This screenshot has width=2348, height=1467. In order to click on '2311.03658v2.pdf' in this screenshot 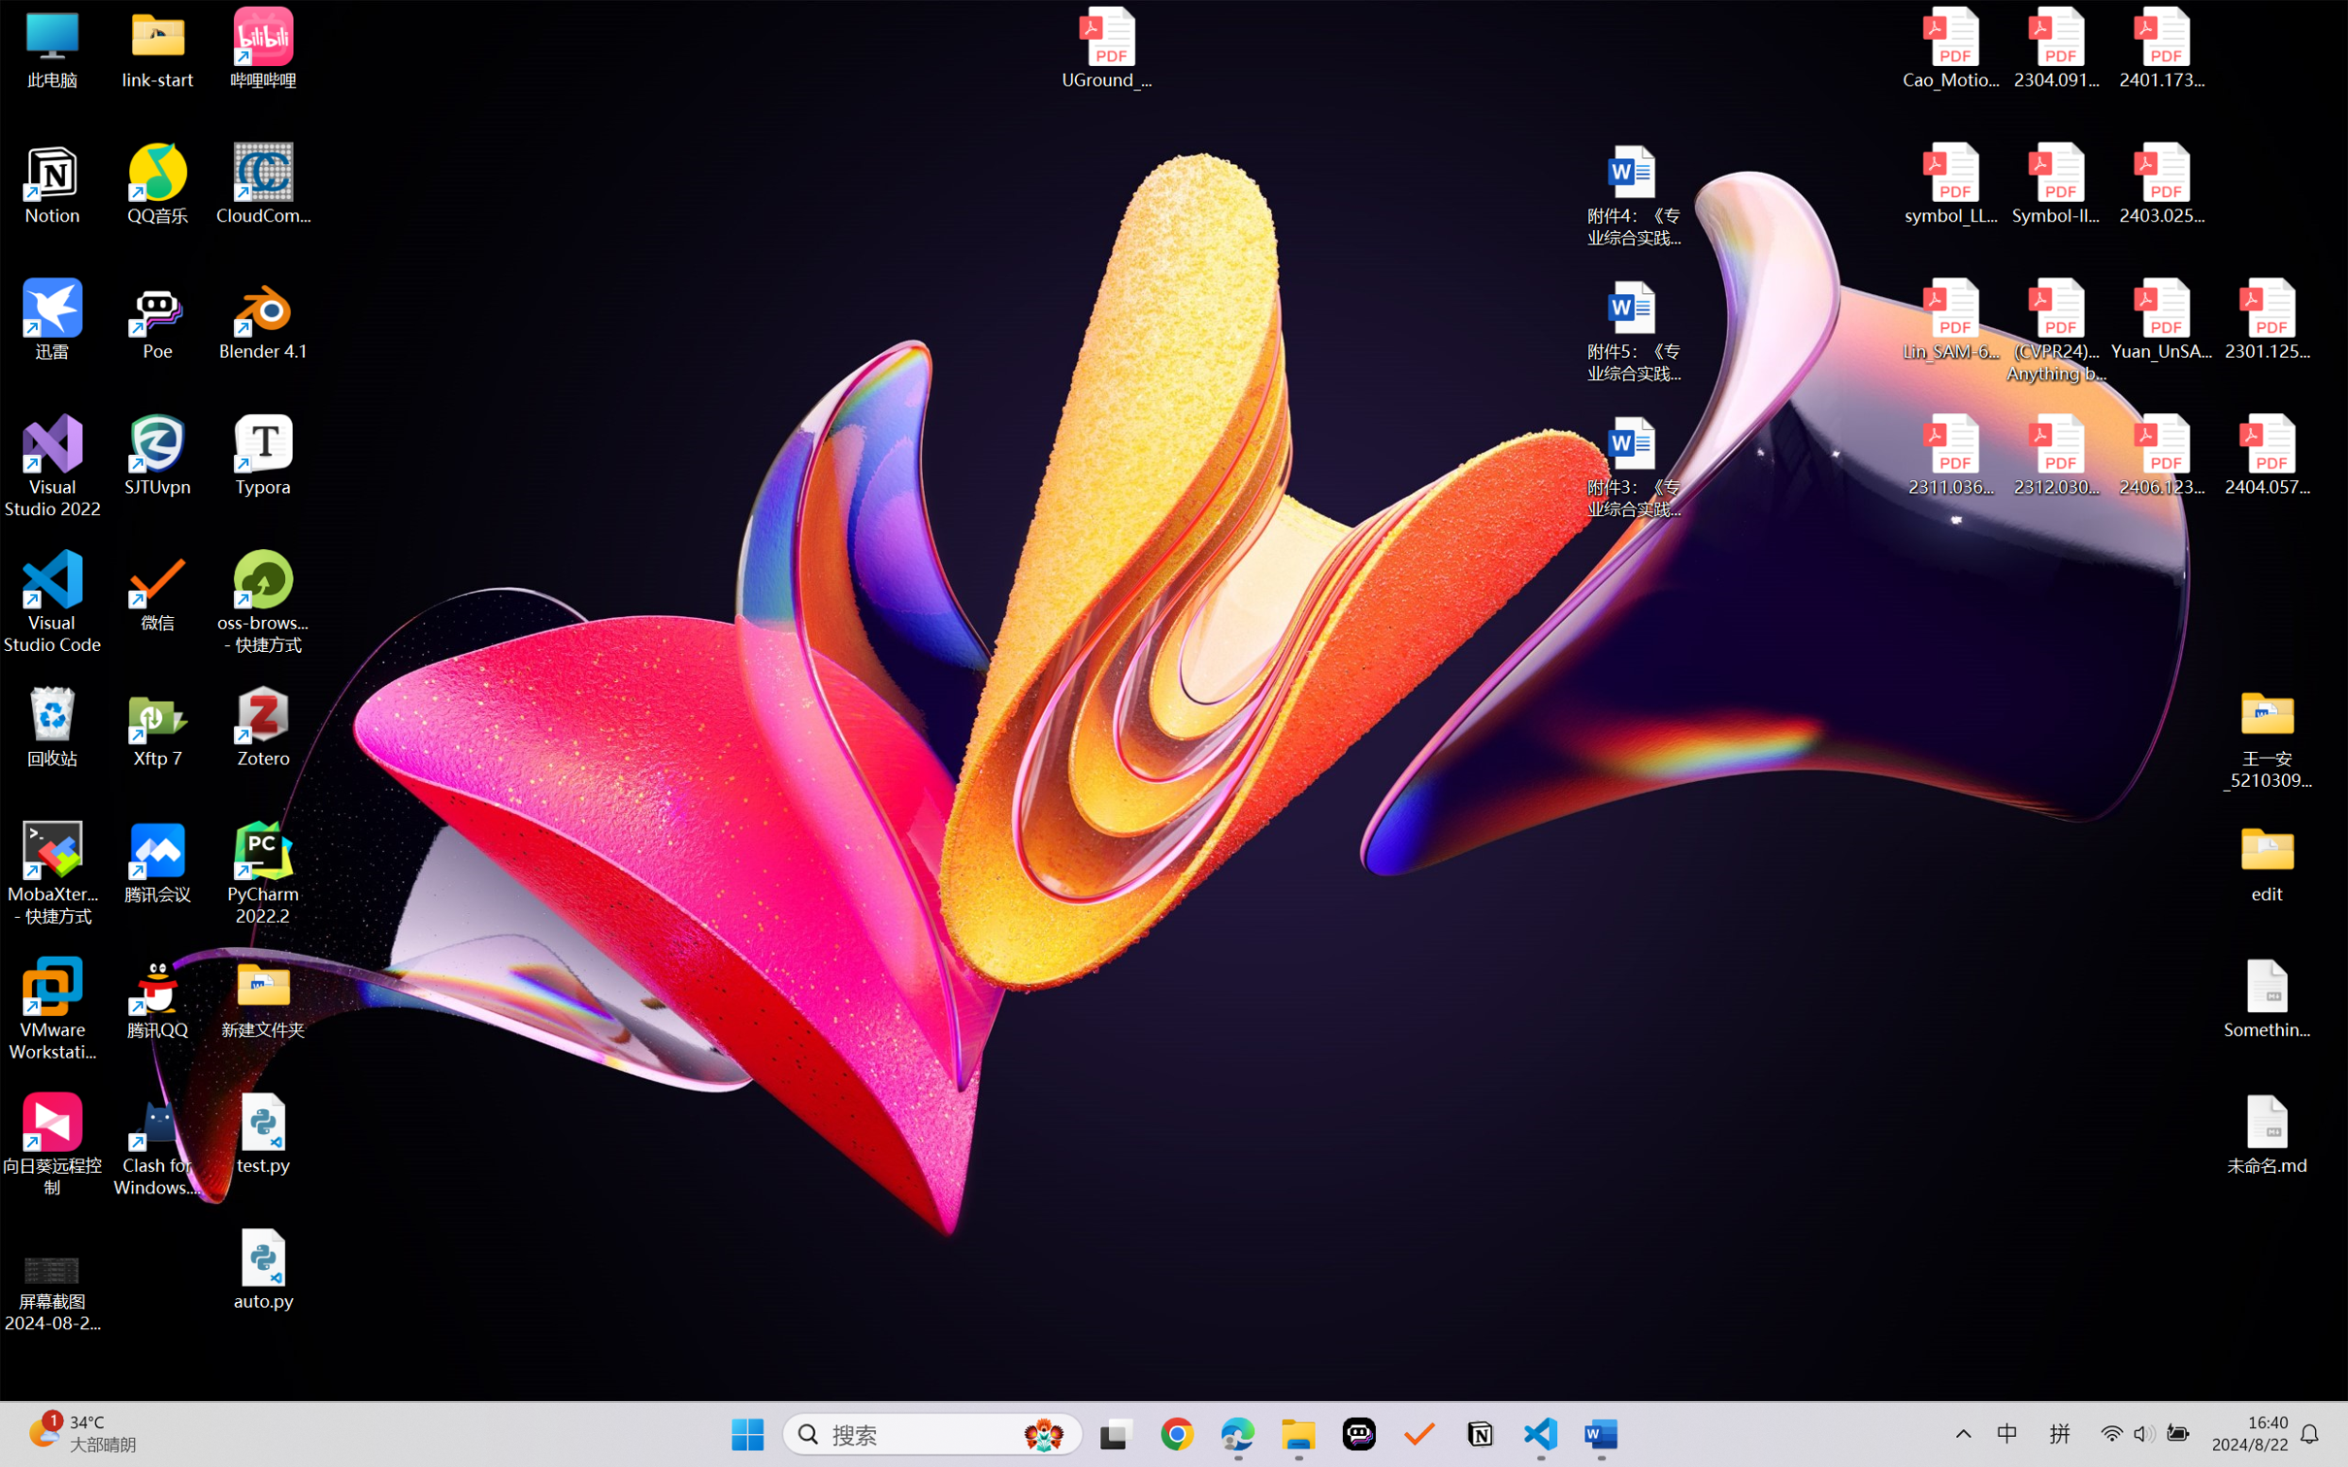, I will do `click(1951, 455)`.